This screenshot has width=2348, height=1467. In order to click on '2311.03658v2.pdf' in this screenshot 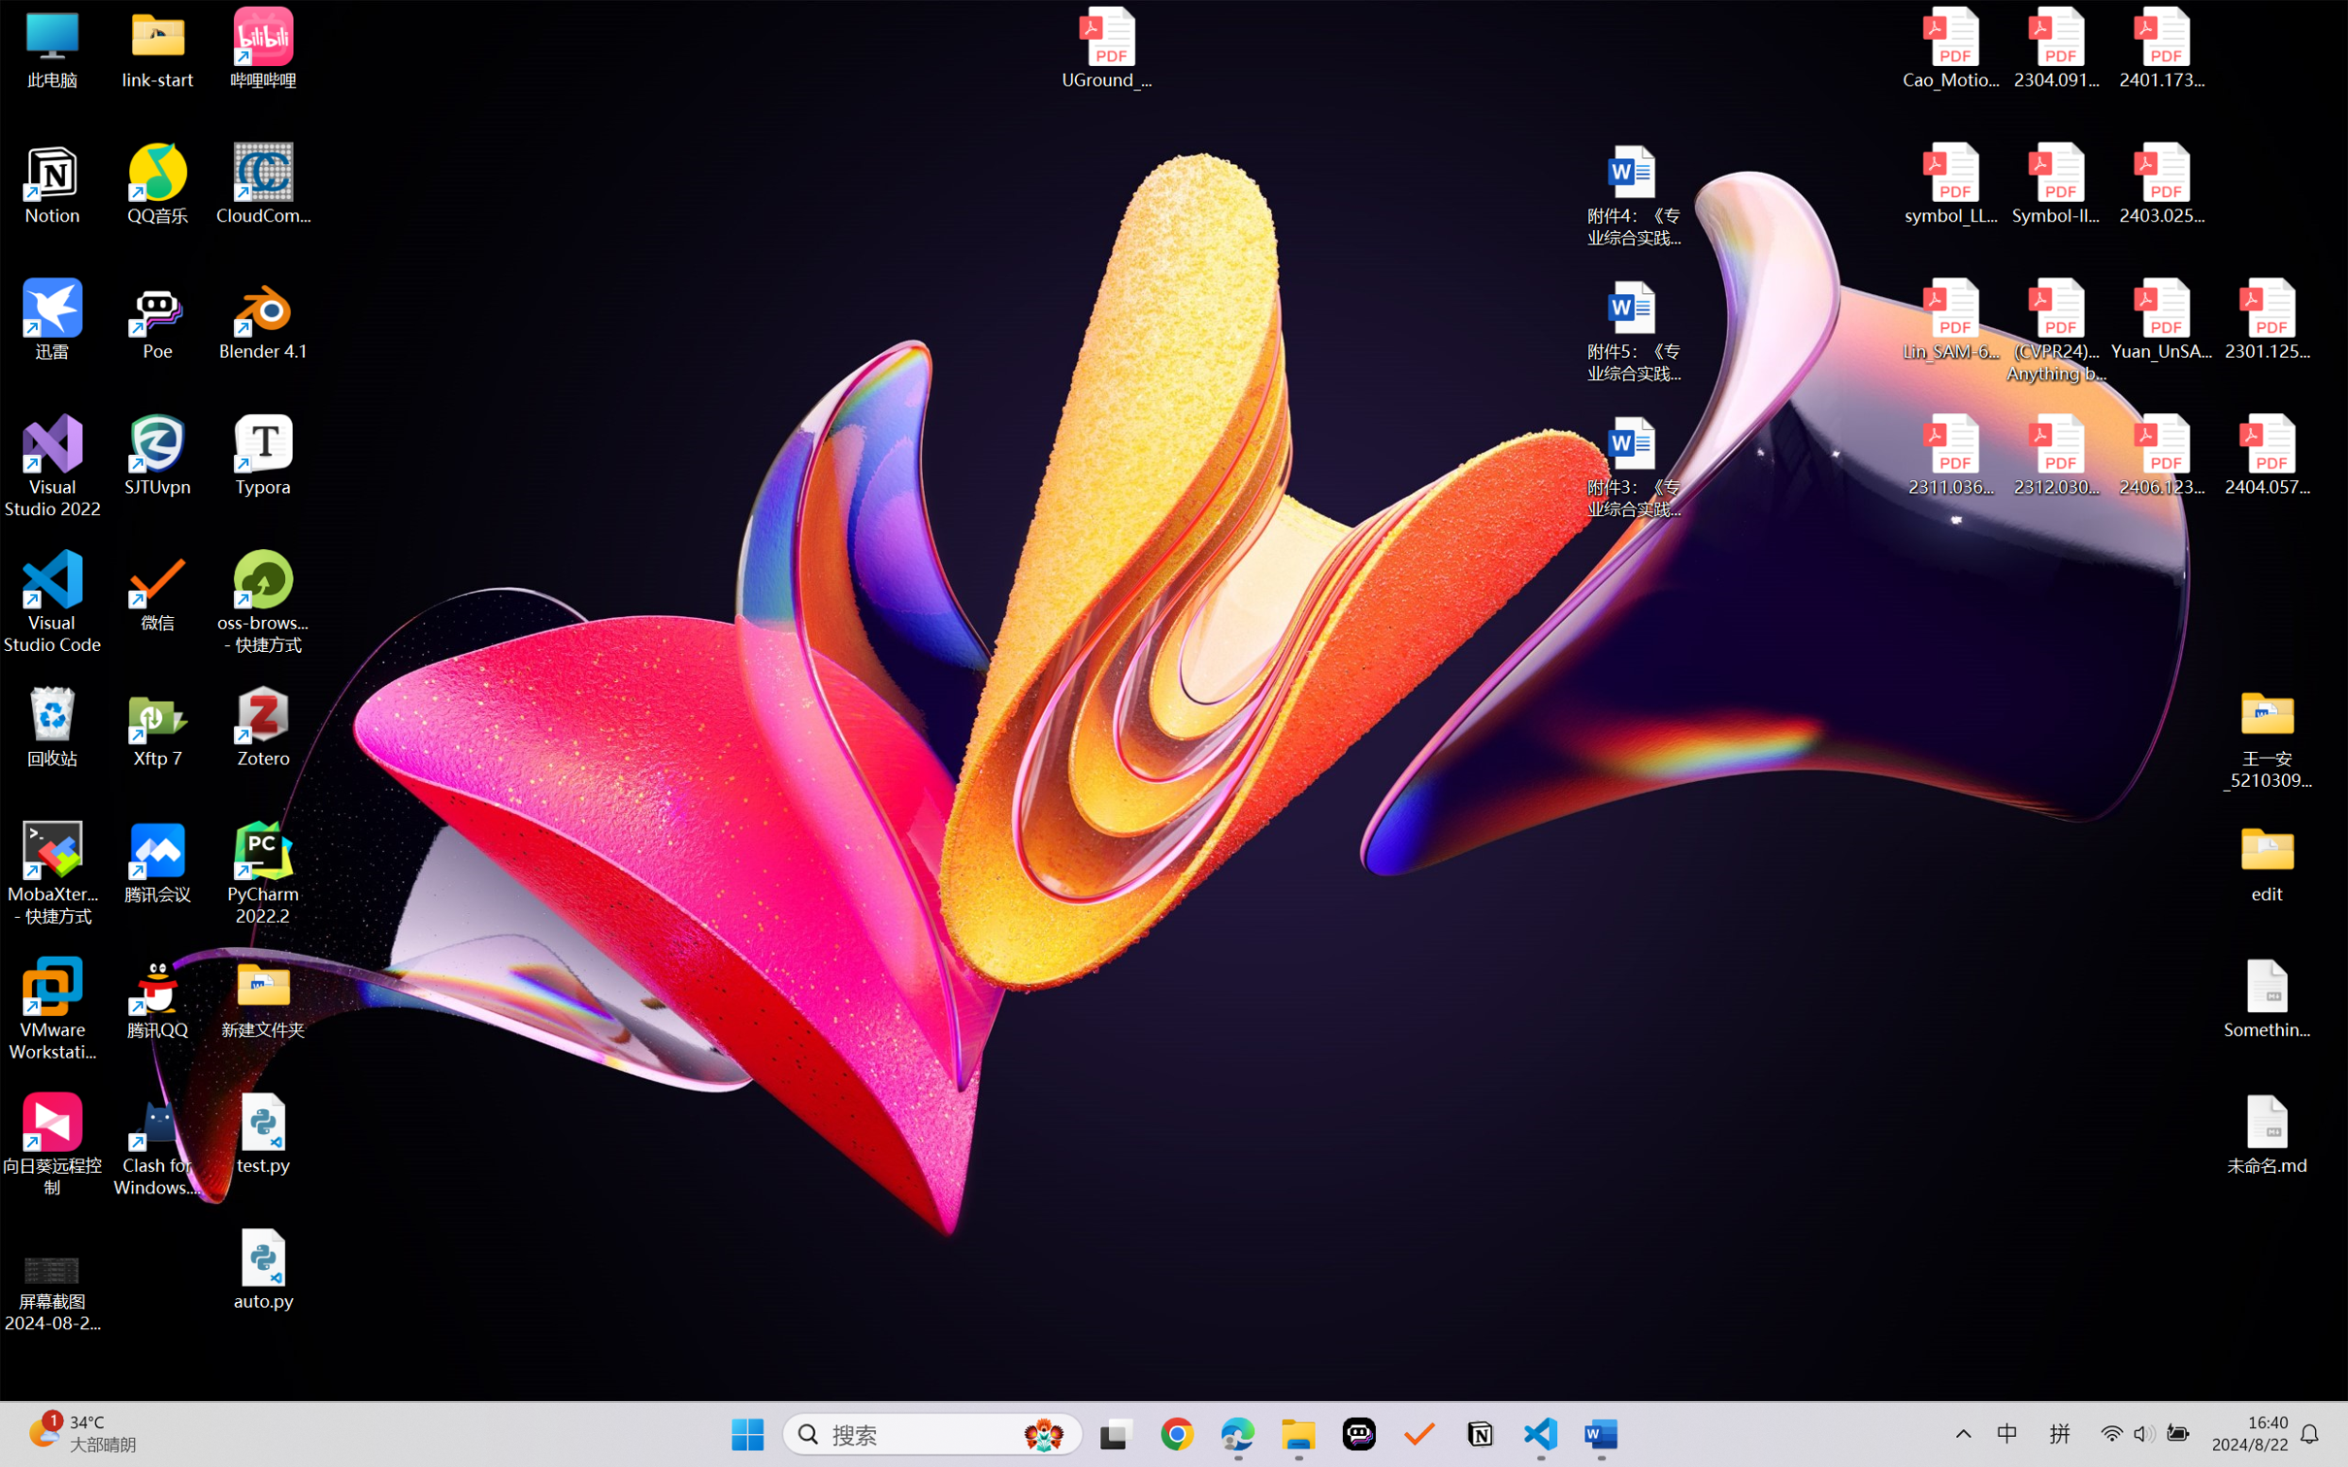, I will do `click(1951, 455)`.